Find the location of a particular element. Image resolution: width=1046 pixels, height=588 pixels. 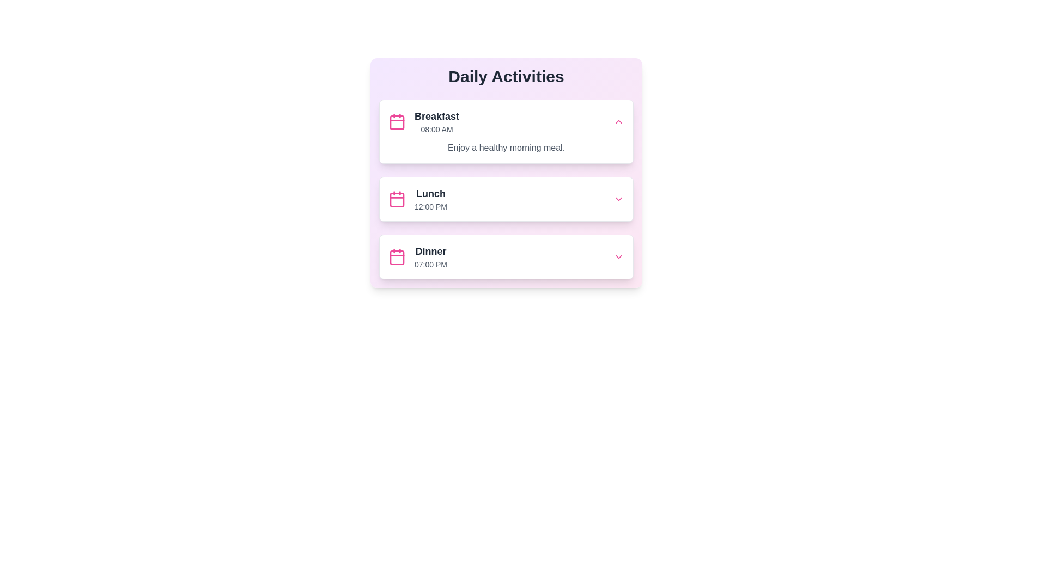

the pink calendar icon located next to the text 'Lunch' in the 'Daily Activities' section is located at coordinates (397, 199).